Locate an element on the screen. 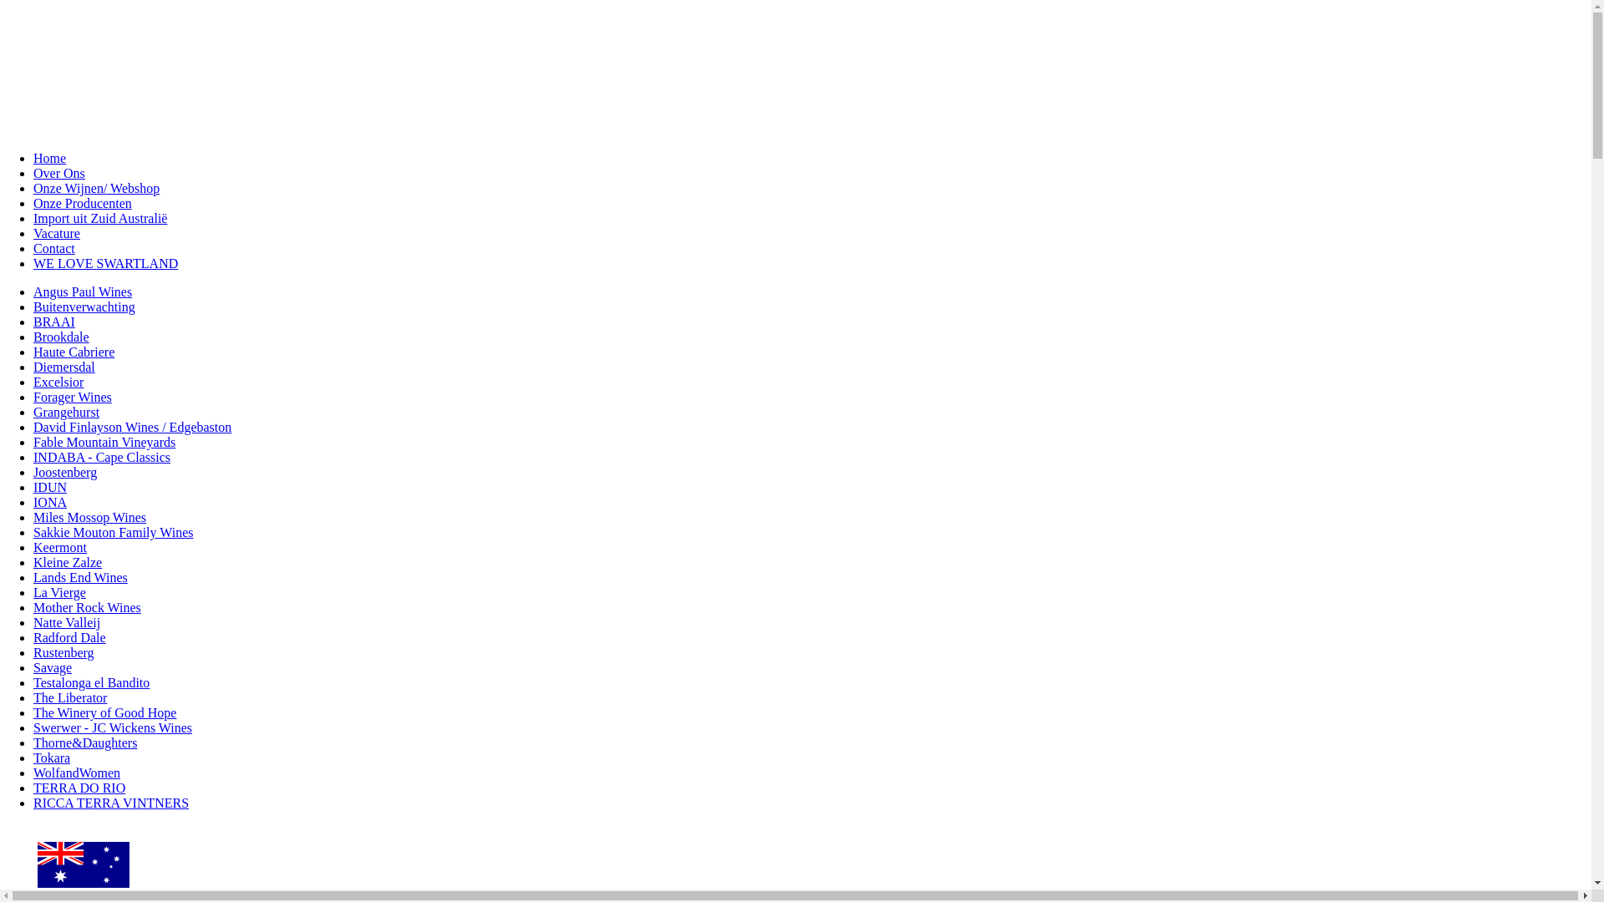 The width and height of the screenshot is (1604, 902). 'Home' is located at coordinates (49, 158).